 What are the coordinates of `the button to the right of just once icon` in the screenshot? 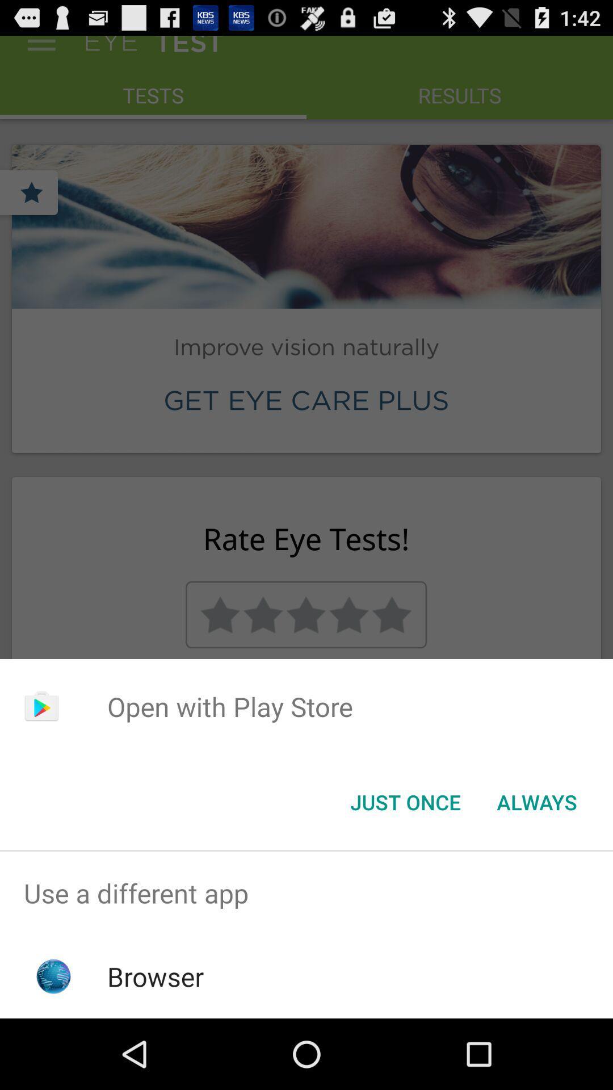 It's located at (536, 801).